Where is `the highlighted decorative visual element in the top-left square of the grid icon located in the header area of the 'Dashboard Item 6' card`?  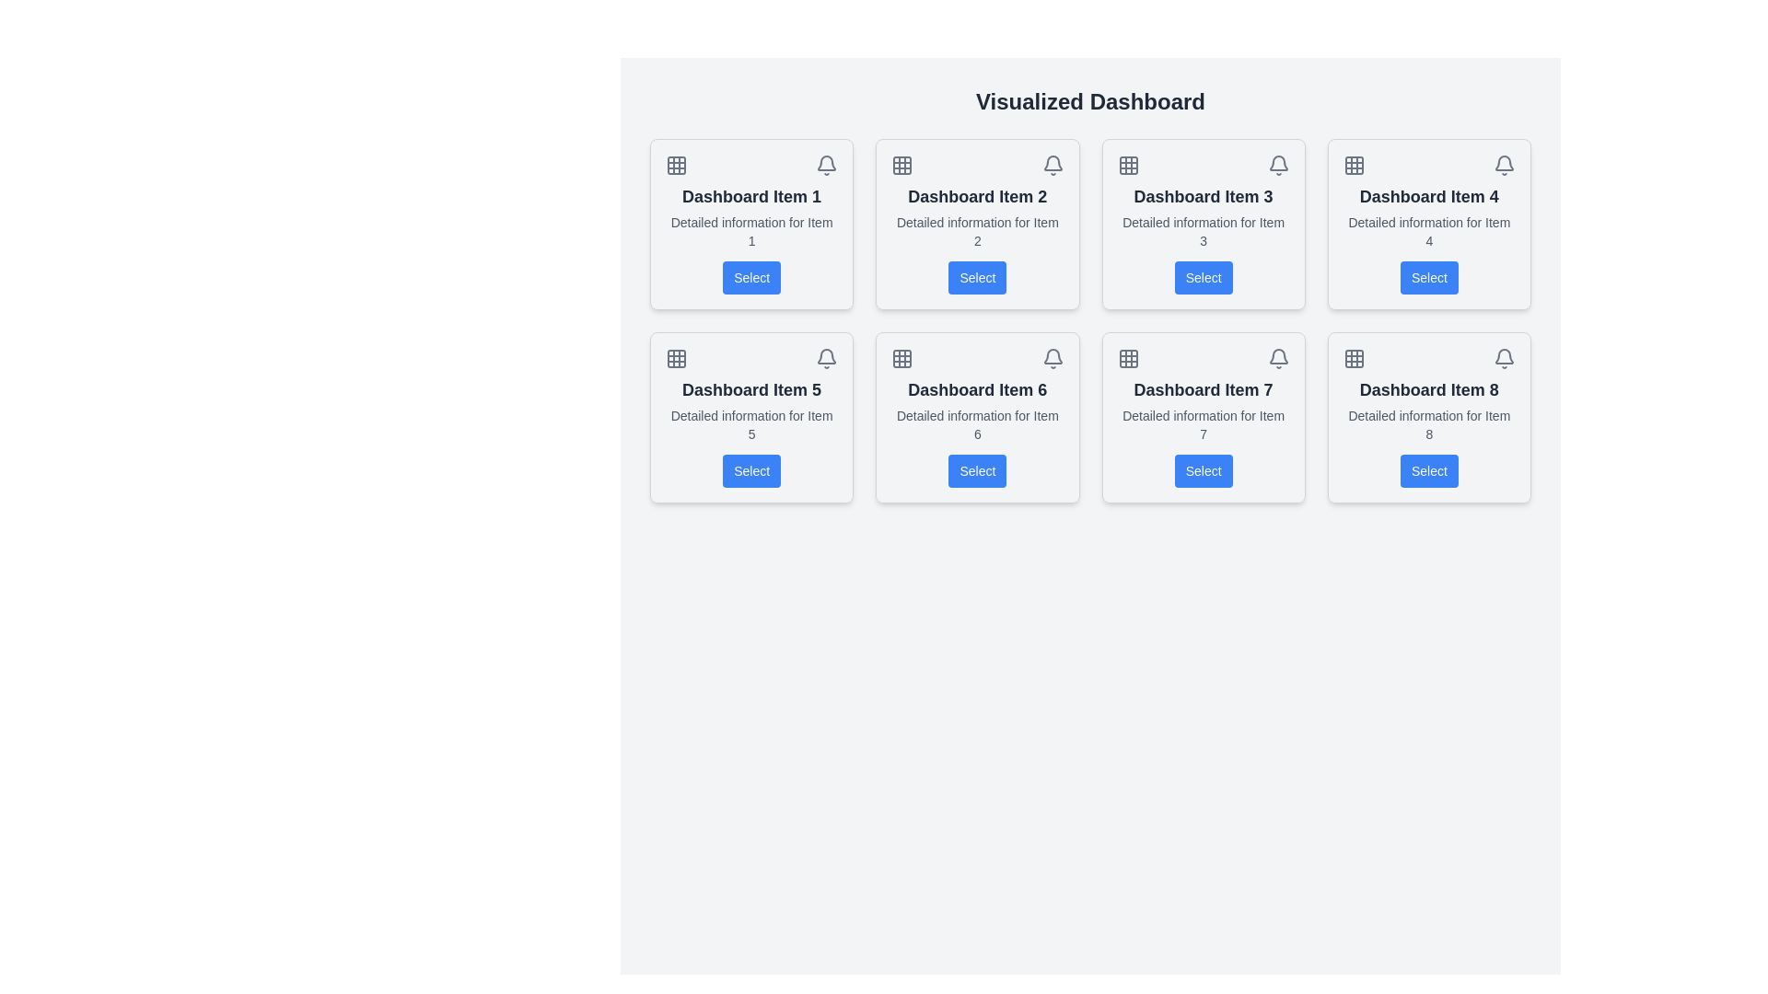
the highlighted decorative visual element in the top-left square of the grid icon located in the header area of the 'Dashboard Item 6' card is located at coordinates (902, 358).